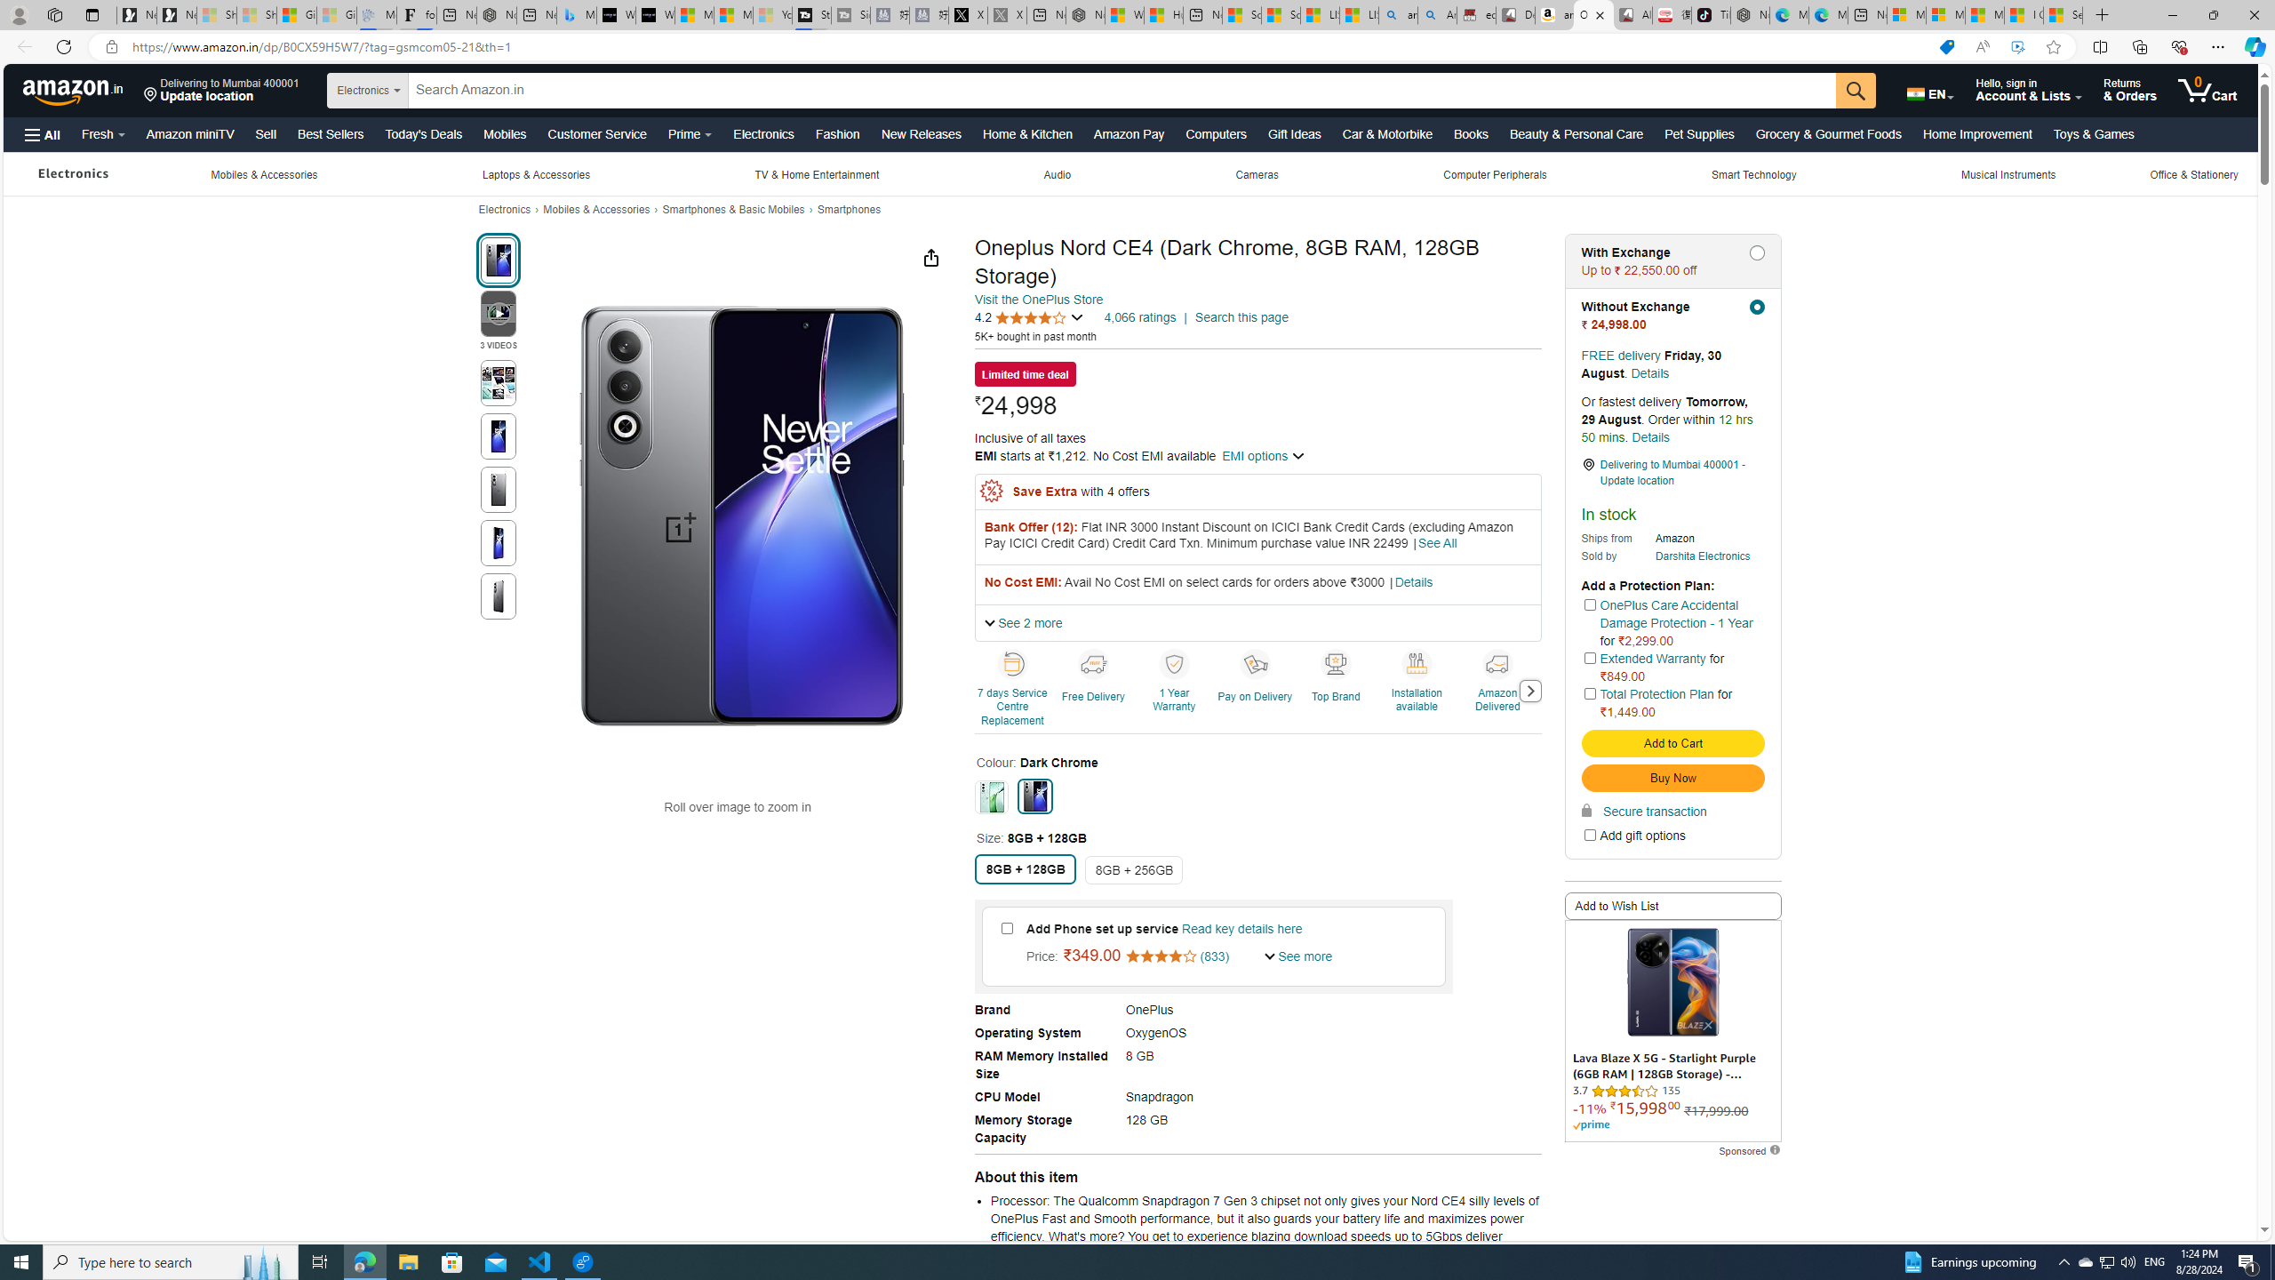  Describe the element at coordinates (177, 14) in the screenshot. I see `'Newsletter Sign Up'` at that location.